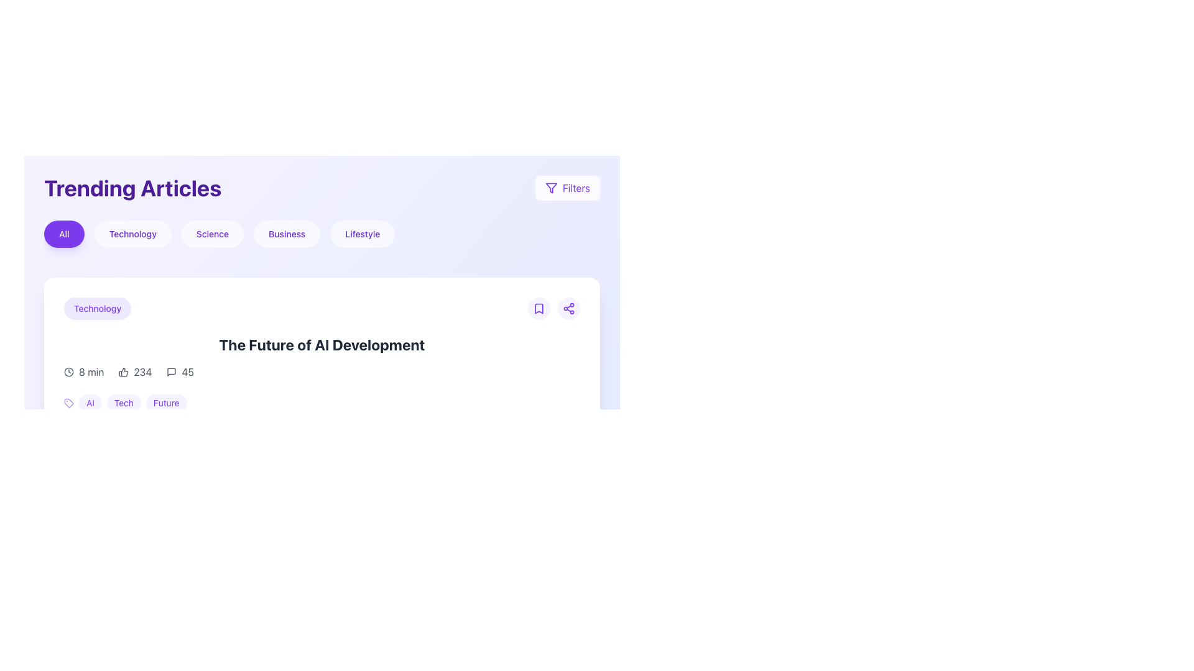 This screenshot has width=1194, height=671. What do you see at coordinates (124, 371) in the screenshot?
I see `the 'like' icon/button located to the left of the number '234' to trigger a tooltip or change its appearance` at bounding box center [124, 371].